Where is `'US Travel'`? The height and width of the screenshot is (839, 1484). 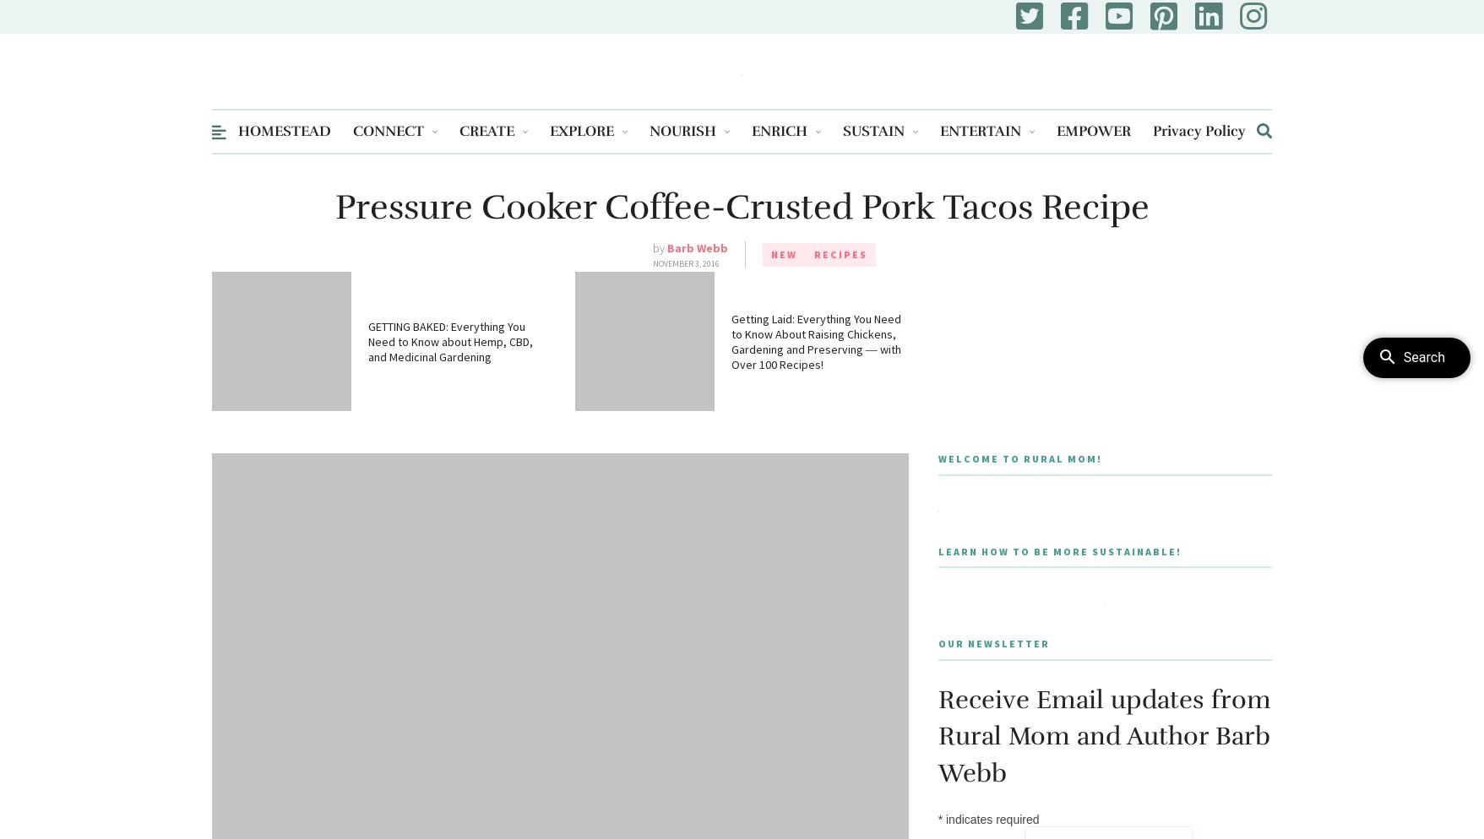 'US Travel' is located at coordinates (575, 246).